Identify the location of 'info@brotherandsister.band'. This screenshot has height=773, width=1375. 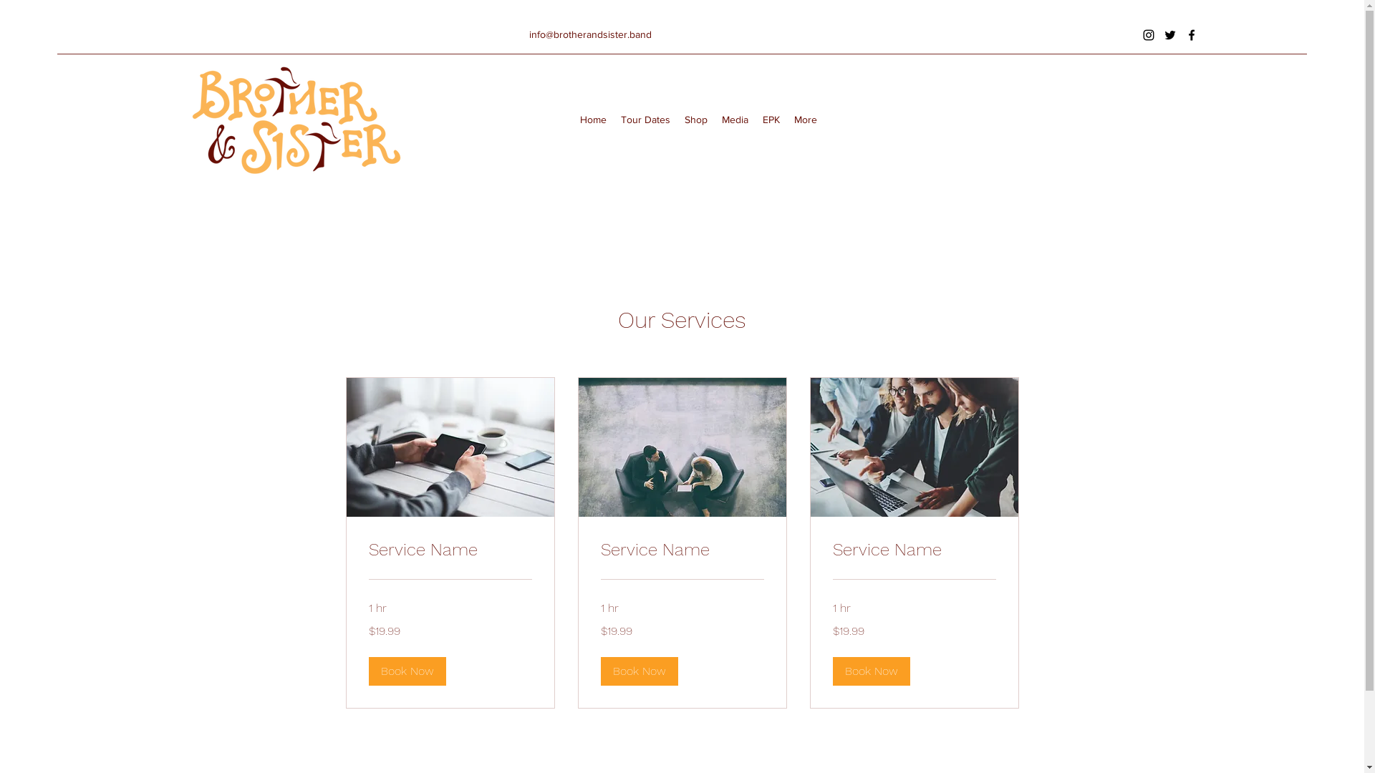
(590, 33).